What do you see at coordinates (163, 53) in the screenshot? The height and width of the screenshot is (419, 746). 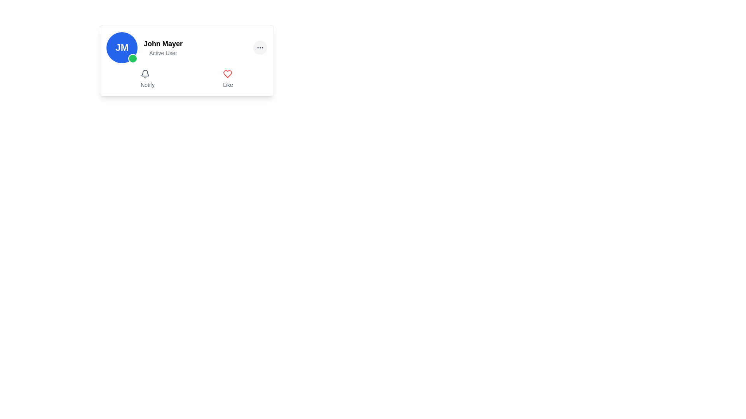 I see `the 'Active User' text label, which is a small, gray text displayed below the 'John Mayer' name label in the profile card structure` at bounding box center [163, 53].